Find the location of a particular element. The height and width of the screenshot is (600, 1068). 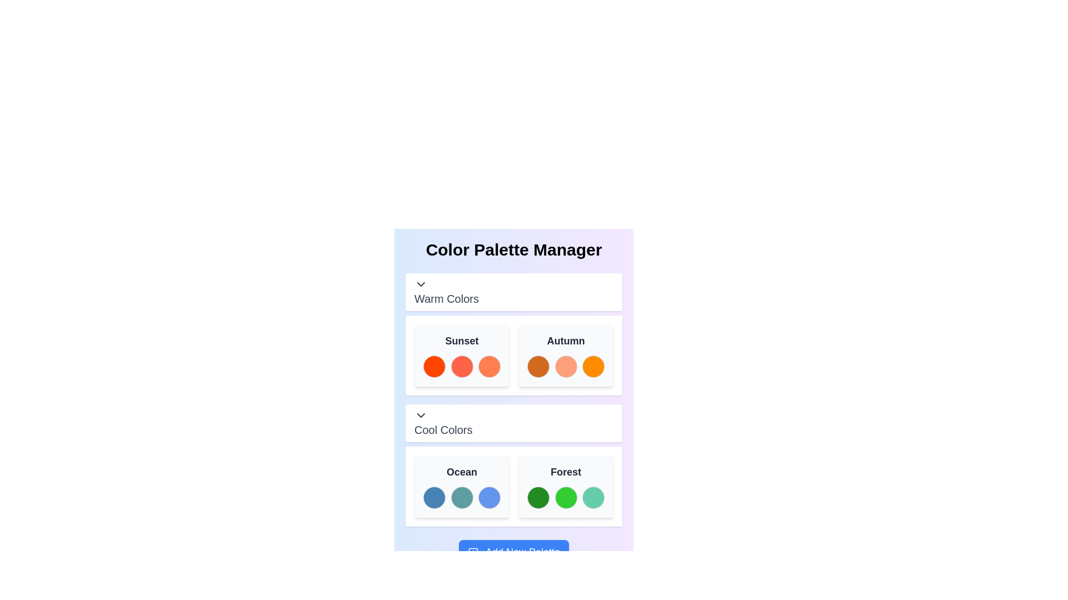

the 'Sunset' color palette, which displays a selection of warm colors in the first column under the 'Warm Colors' section is located at coordinates (462, 356).